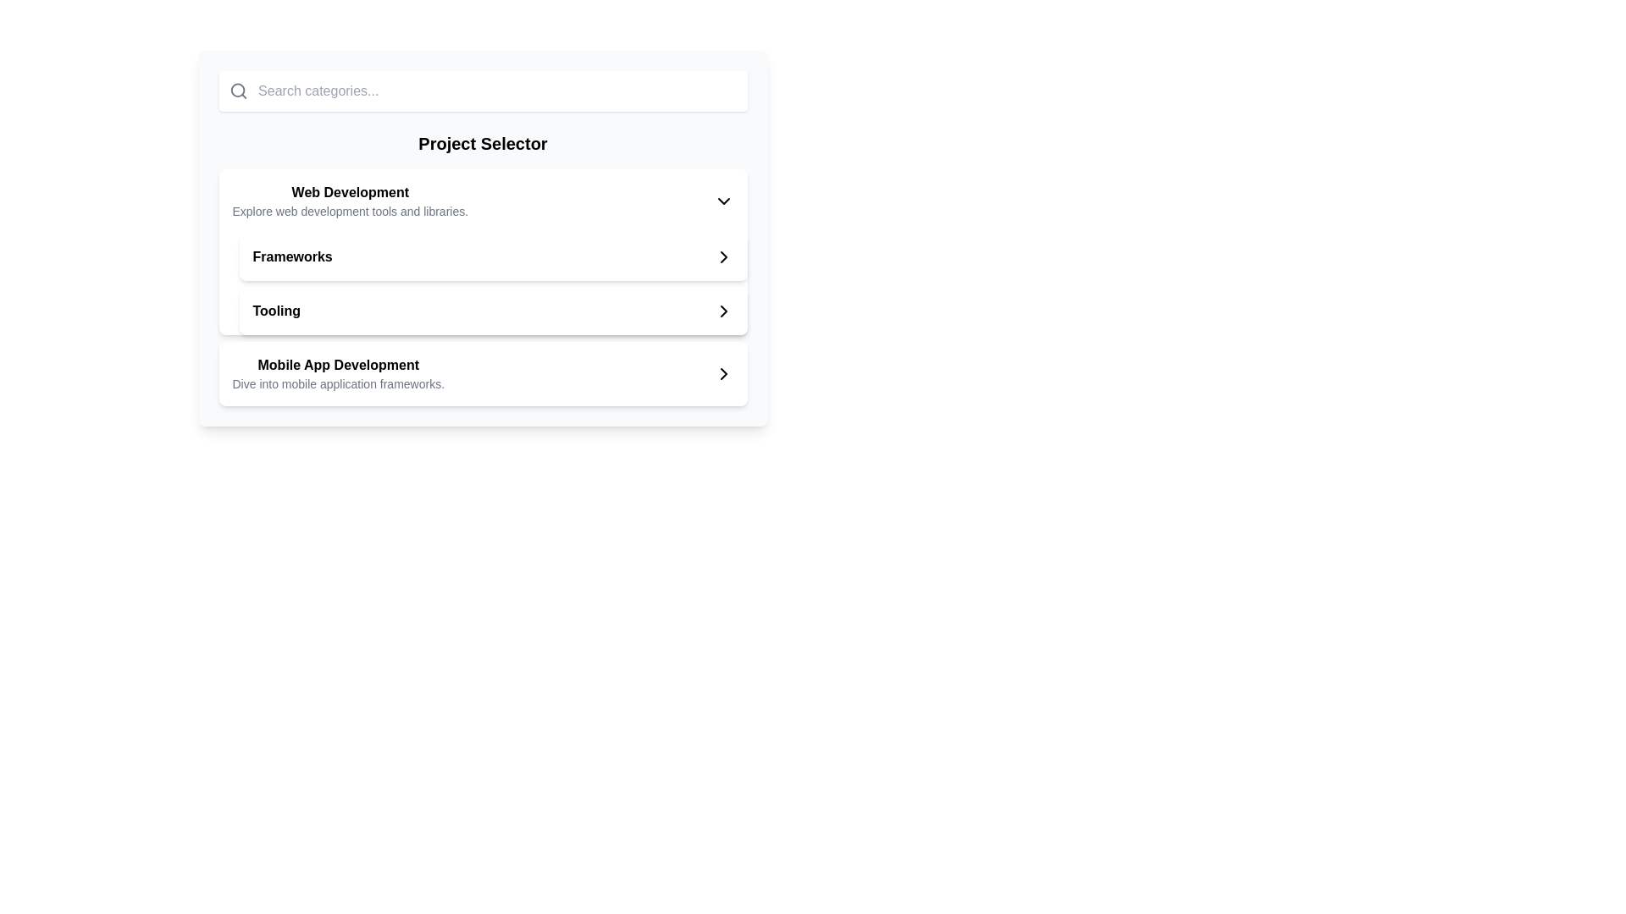  What do you see at coordinates (723, 311) in the screenshot?
I see `the rightward-pointing chevron icon located at the end of the 'Tooling' list item in the 'Project Selector' menu to integrate interaction based on its recognition` at bounding box center [723, 311].